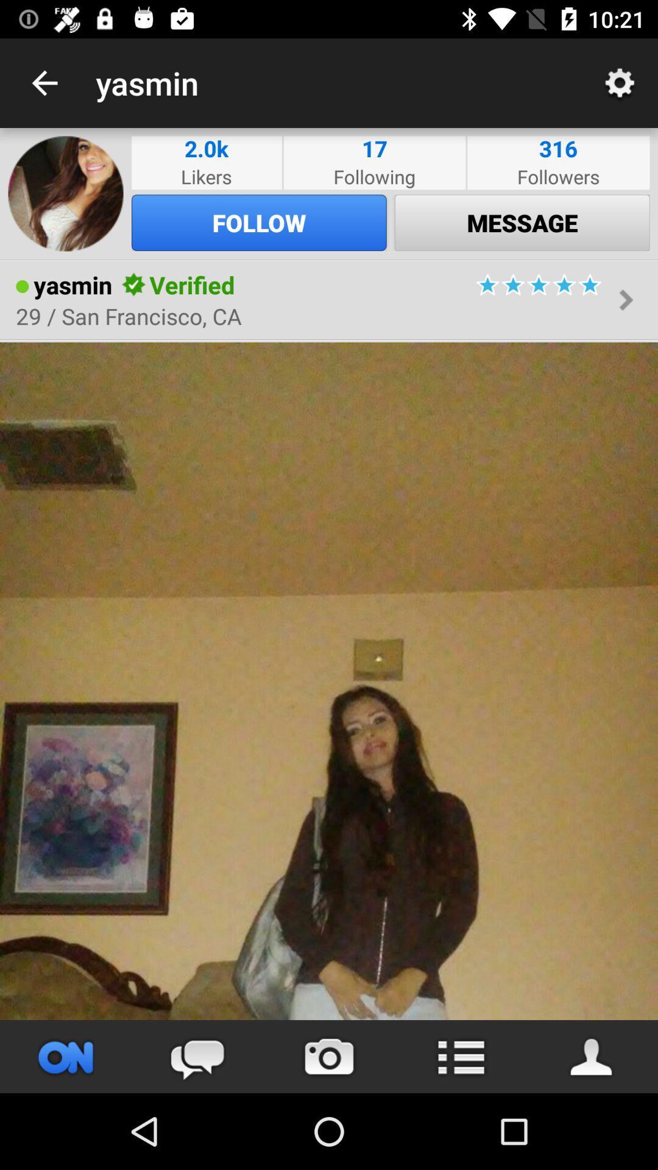  I want to click on for menu, so click(461, 1056).